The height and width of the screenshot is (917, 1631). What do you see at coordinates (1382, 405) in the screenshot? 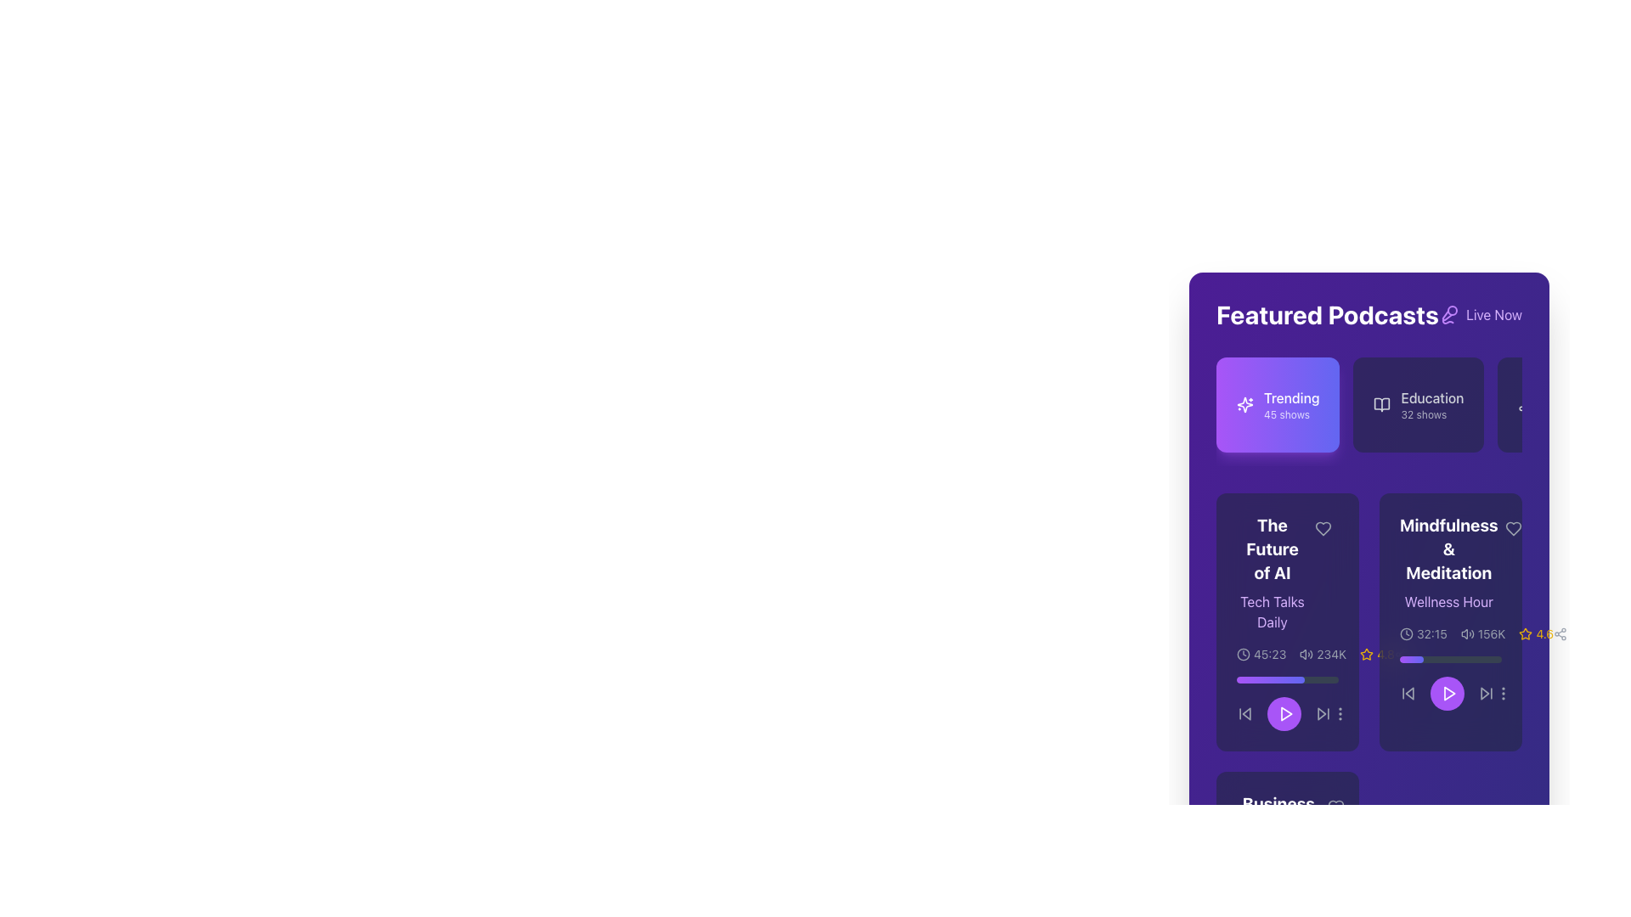
I see `the 'Education' icon located in the top-right section of the card labeled 'Education' with the subtitle '32 shows'` at bounding box center [1382, 405].